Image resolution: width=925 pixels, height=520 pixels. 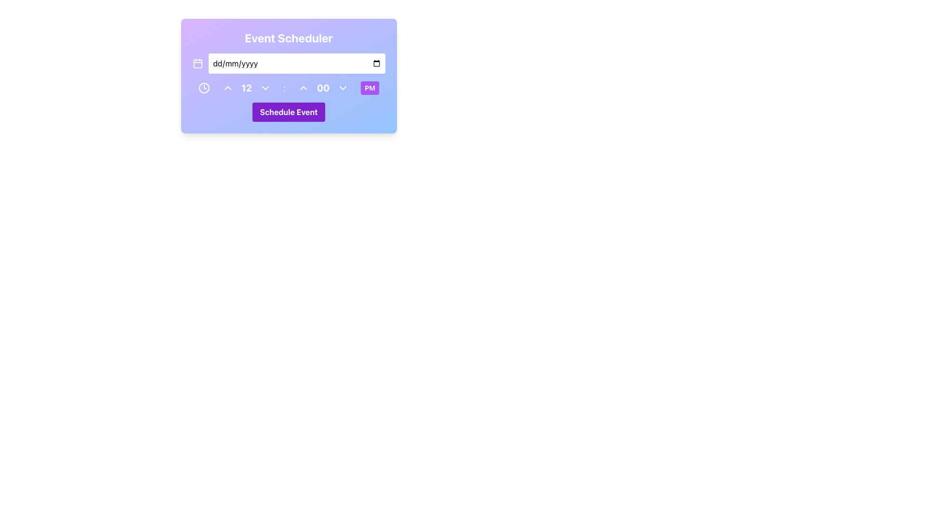 What do you see at coordinates (296, 63) in the screenshot?
I see `a date using the calendar pop-up from the date input field which has a rounded border and is blank, positioned to the right of a calendar icon` at bounding box center [296, 63].